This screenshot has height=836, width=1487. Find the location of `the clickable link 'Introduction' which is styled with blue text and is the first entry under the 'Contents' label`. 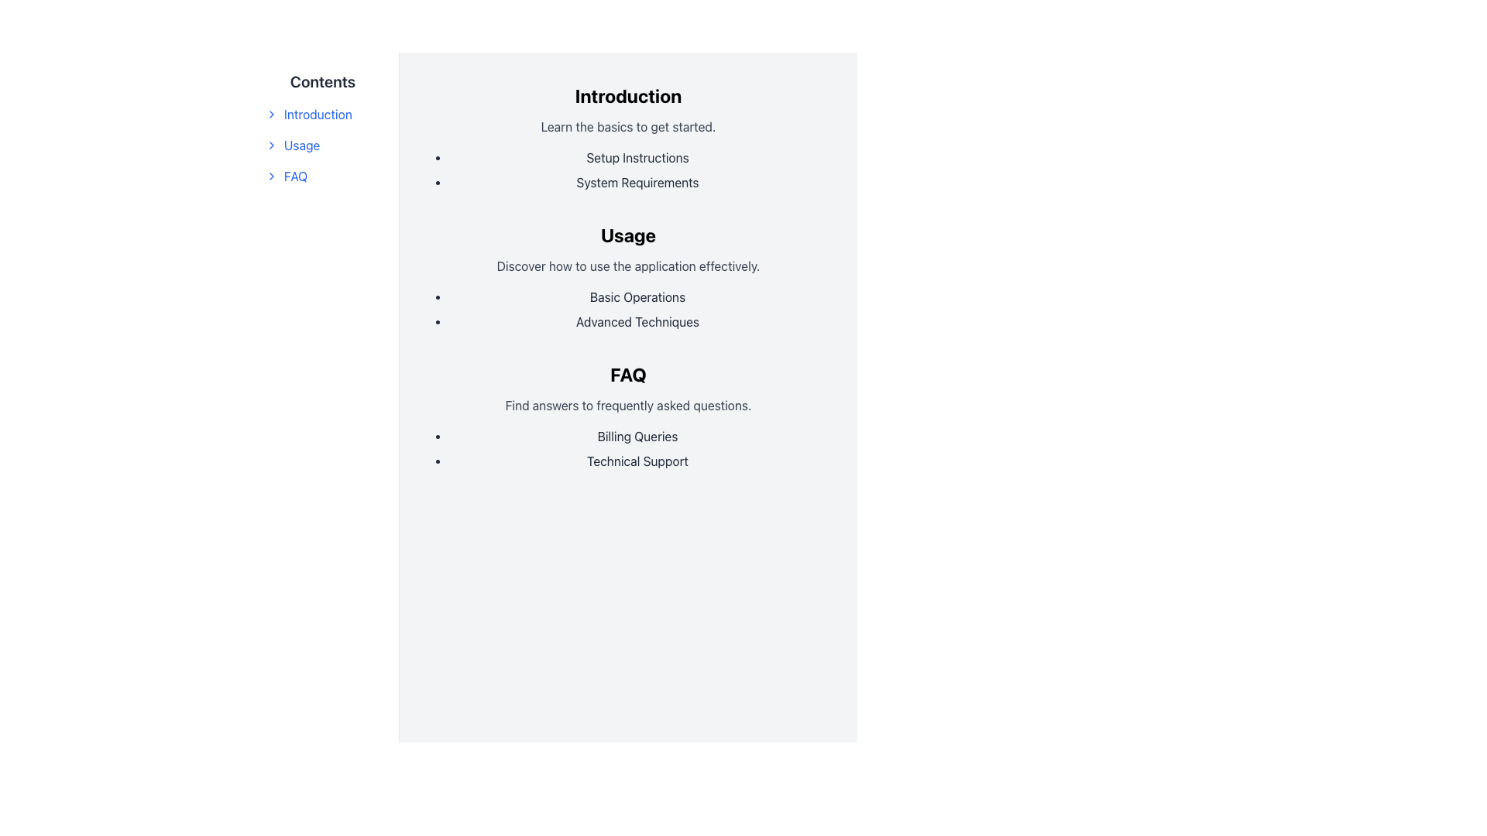

the clickable link 'Introduction' which is styled with blue text and is the first entry under the 'Contents' label is located at coordinates (322, 113).